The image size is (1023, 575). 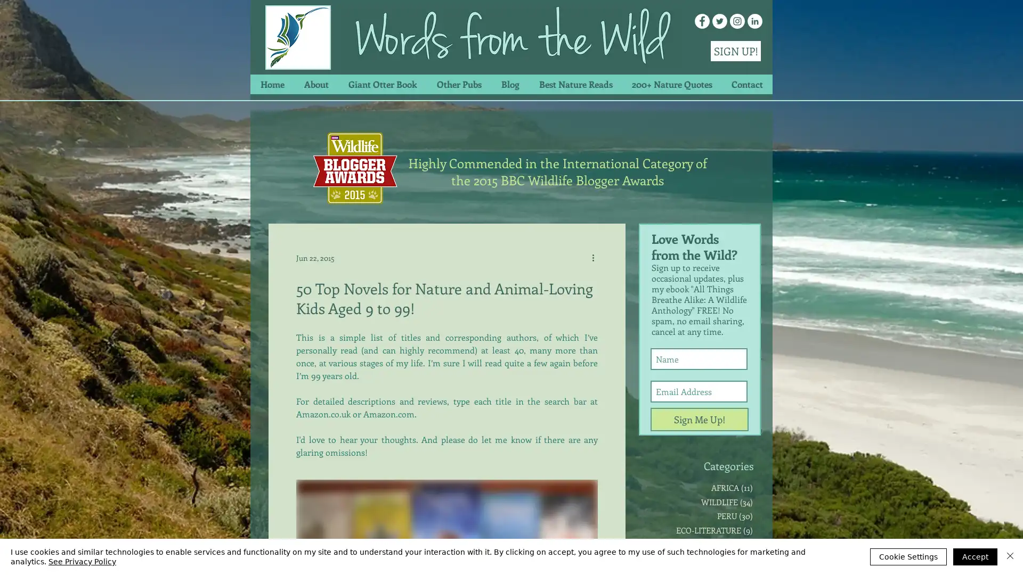 I want to click on More actions, so click(x=596, y=257).